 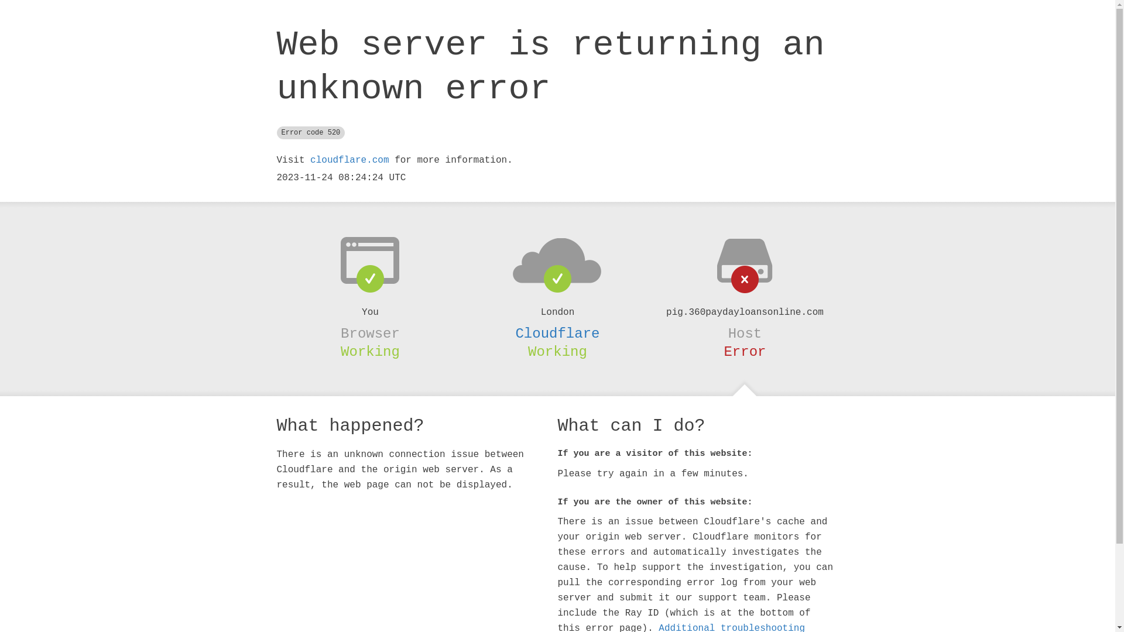 I want to click on 'cloudflare.com', so click(x=348, y=160).